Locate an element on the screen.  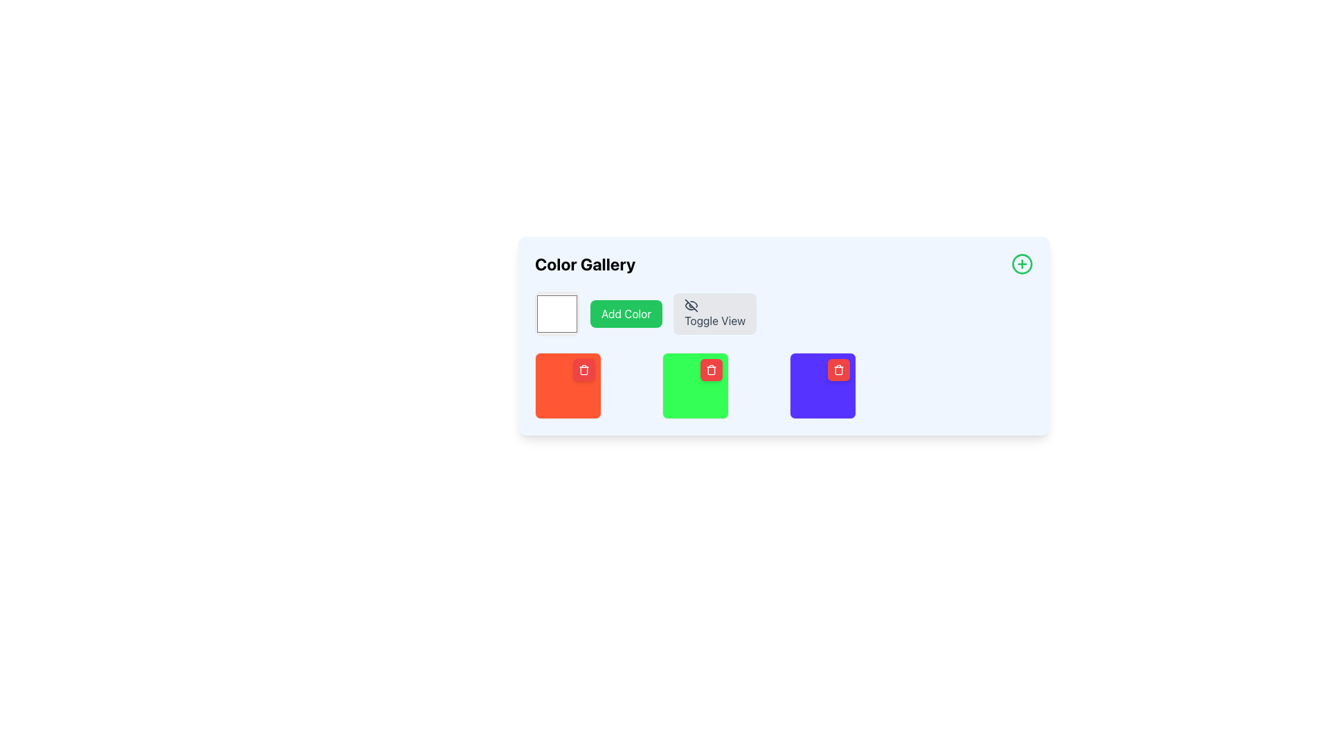
the small red Action button with a white trash icon is located at coordinates (584, 369).